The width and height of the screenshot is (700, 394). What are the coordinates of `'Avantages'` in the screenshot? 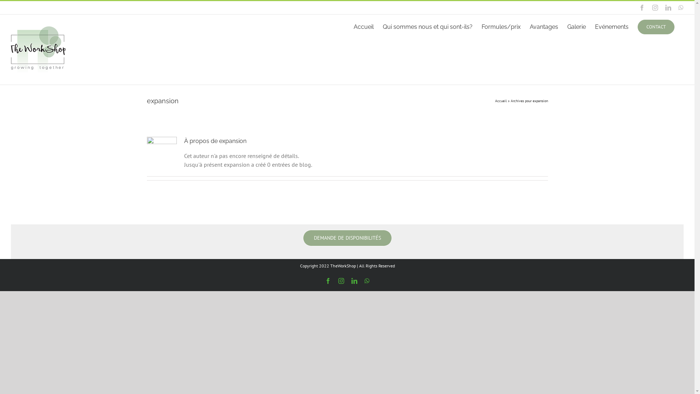 It's located at (544, 26).